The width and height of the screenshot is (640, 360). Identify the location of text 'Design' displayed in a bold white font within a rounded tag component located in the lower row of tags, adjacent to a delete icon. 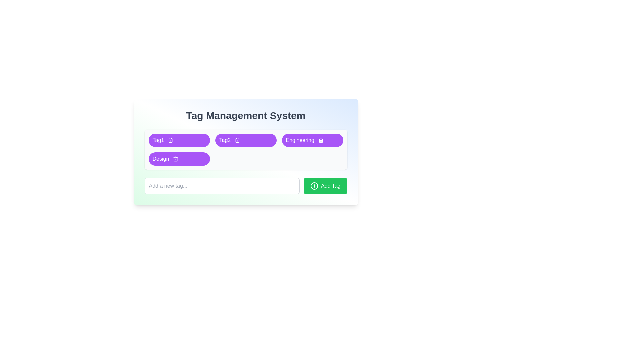
(161, 159).